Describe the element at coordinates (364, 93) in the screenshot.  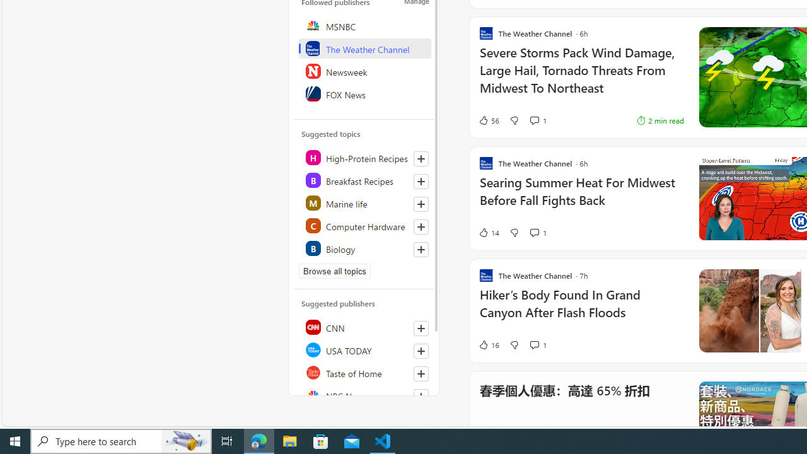
I see `'FOX News'` at that location.